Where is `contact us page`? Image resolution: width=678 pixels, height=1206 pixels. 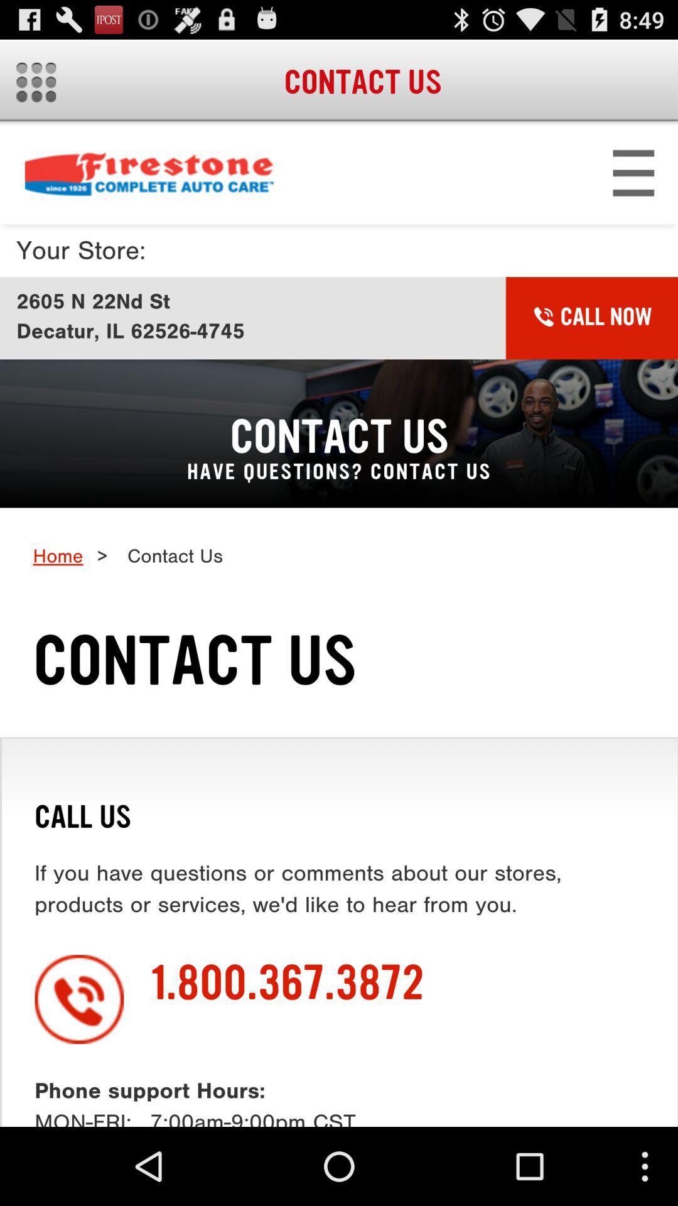
contact us page is located at coordinates (339, 626).